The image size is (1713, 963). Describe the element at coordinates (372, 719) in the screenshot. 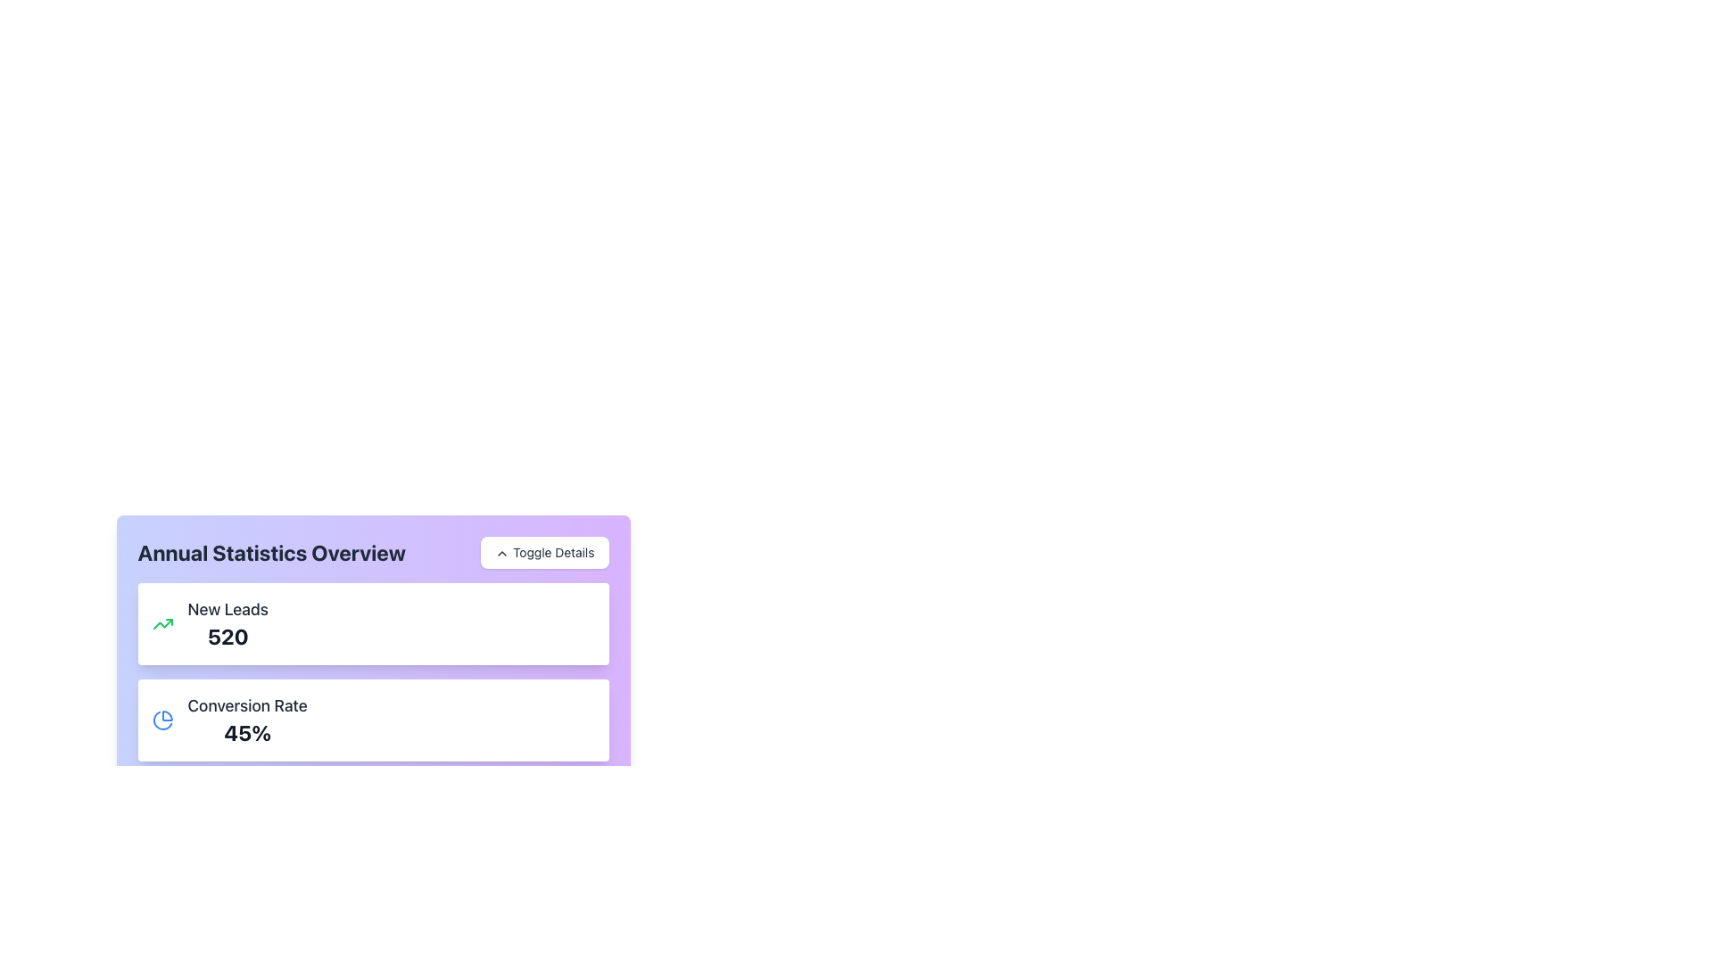

I see `contents of the data display card that shows the conversion rate metric, which is the second card in a vertical list of three cards` at that location.